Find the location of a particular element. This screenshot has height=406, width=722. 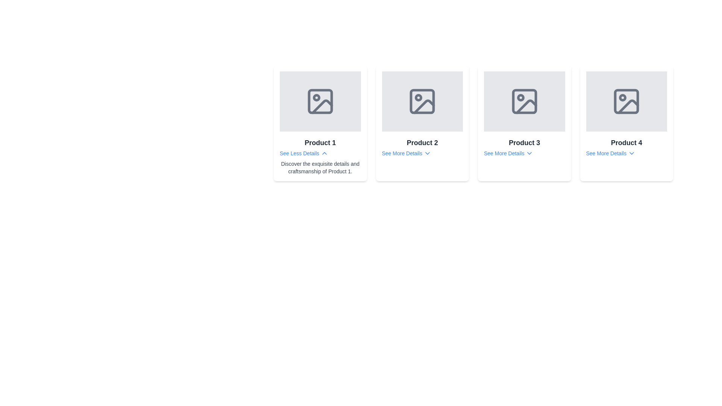

the interactive text link with icon located below the 'Product 3' title is located at coordinates (508, 153).